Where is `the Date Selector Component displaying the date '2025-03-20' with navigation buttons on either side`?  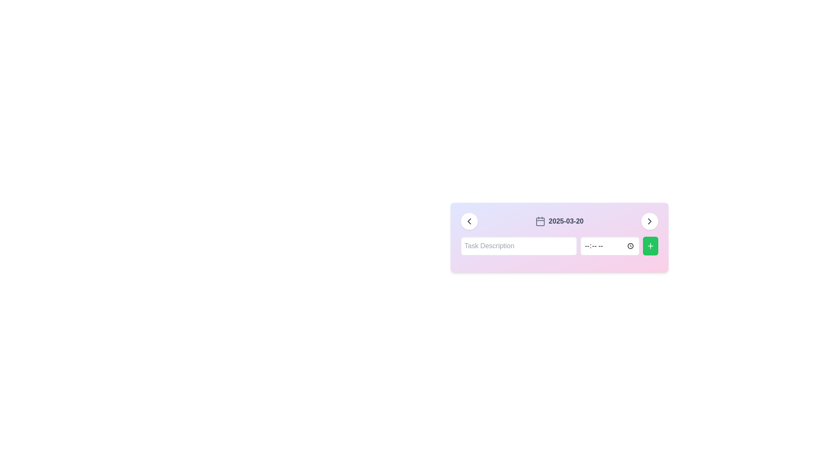 the Date Selector Component displaying the date '2025-03-20' with navigation buttons on either side is located at coordinates (559, 221).